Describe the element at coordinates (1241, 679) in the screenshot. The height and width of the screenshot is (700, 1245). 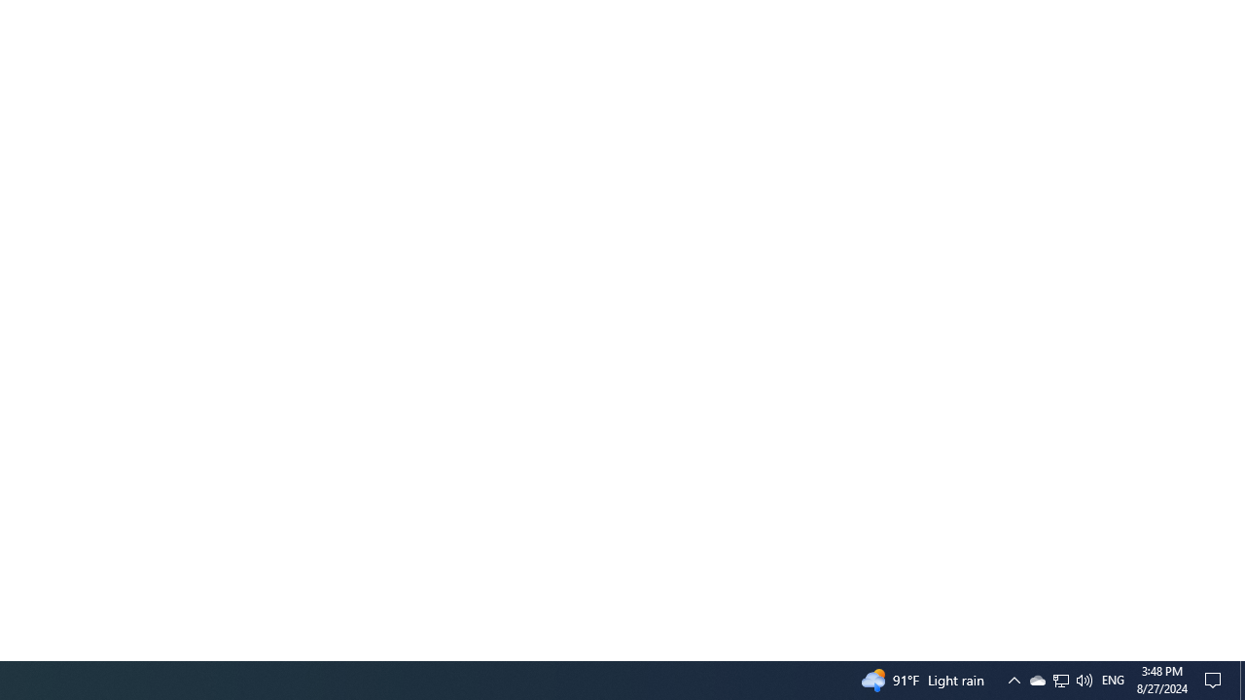
I see `'Show desktop'` at that location.